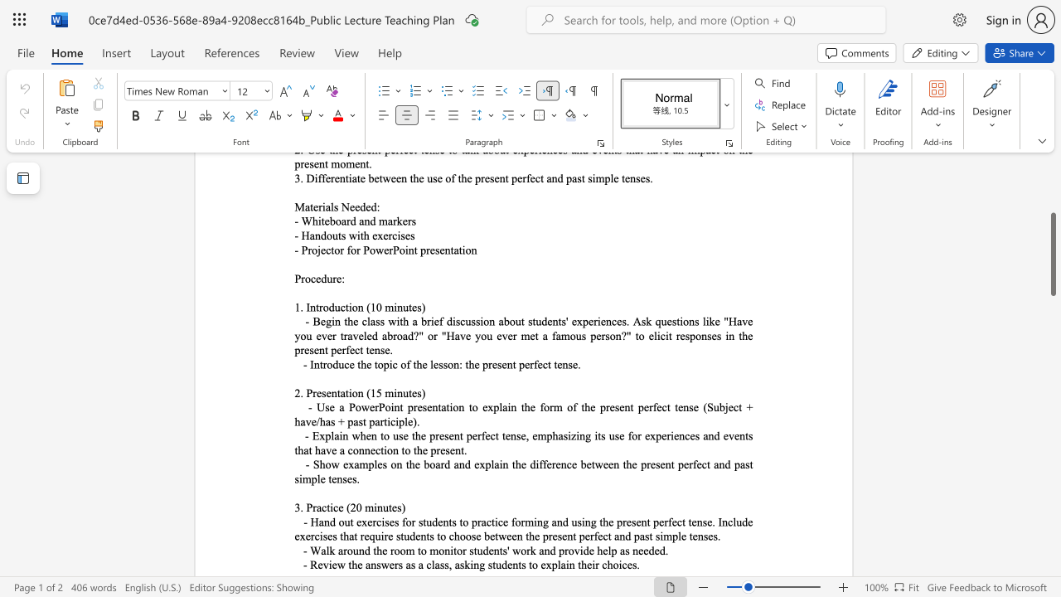 Image resolution: width=1061 pixels, height=597 pixels. Describe the element at coordinates (337, 507) in the screenshot. I see `the subset text "e (20 minu" within the text "3. Practice (20 minutes)"` at that location.